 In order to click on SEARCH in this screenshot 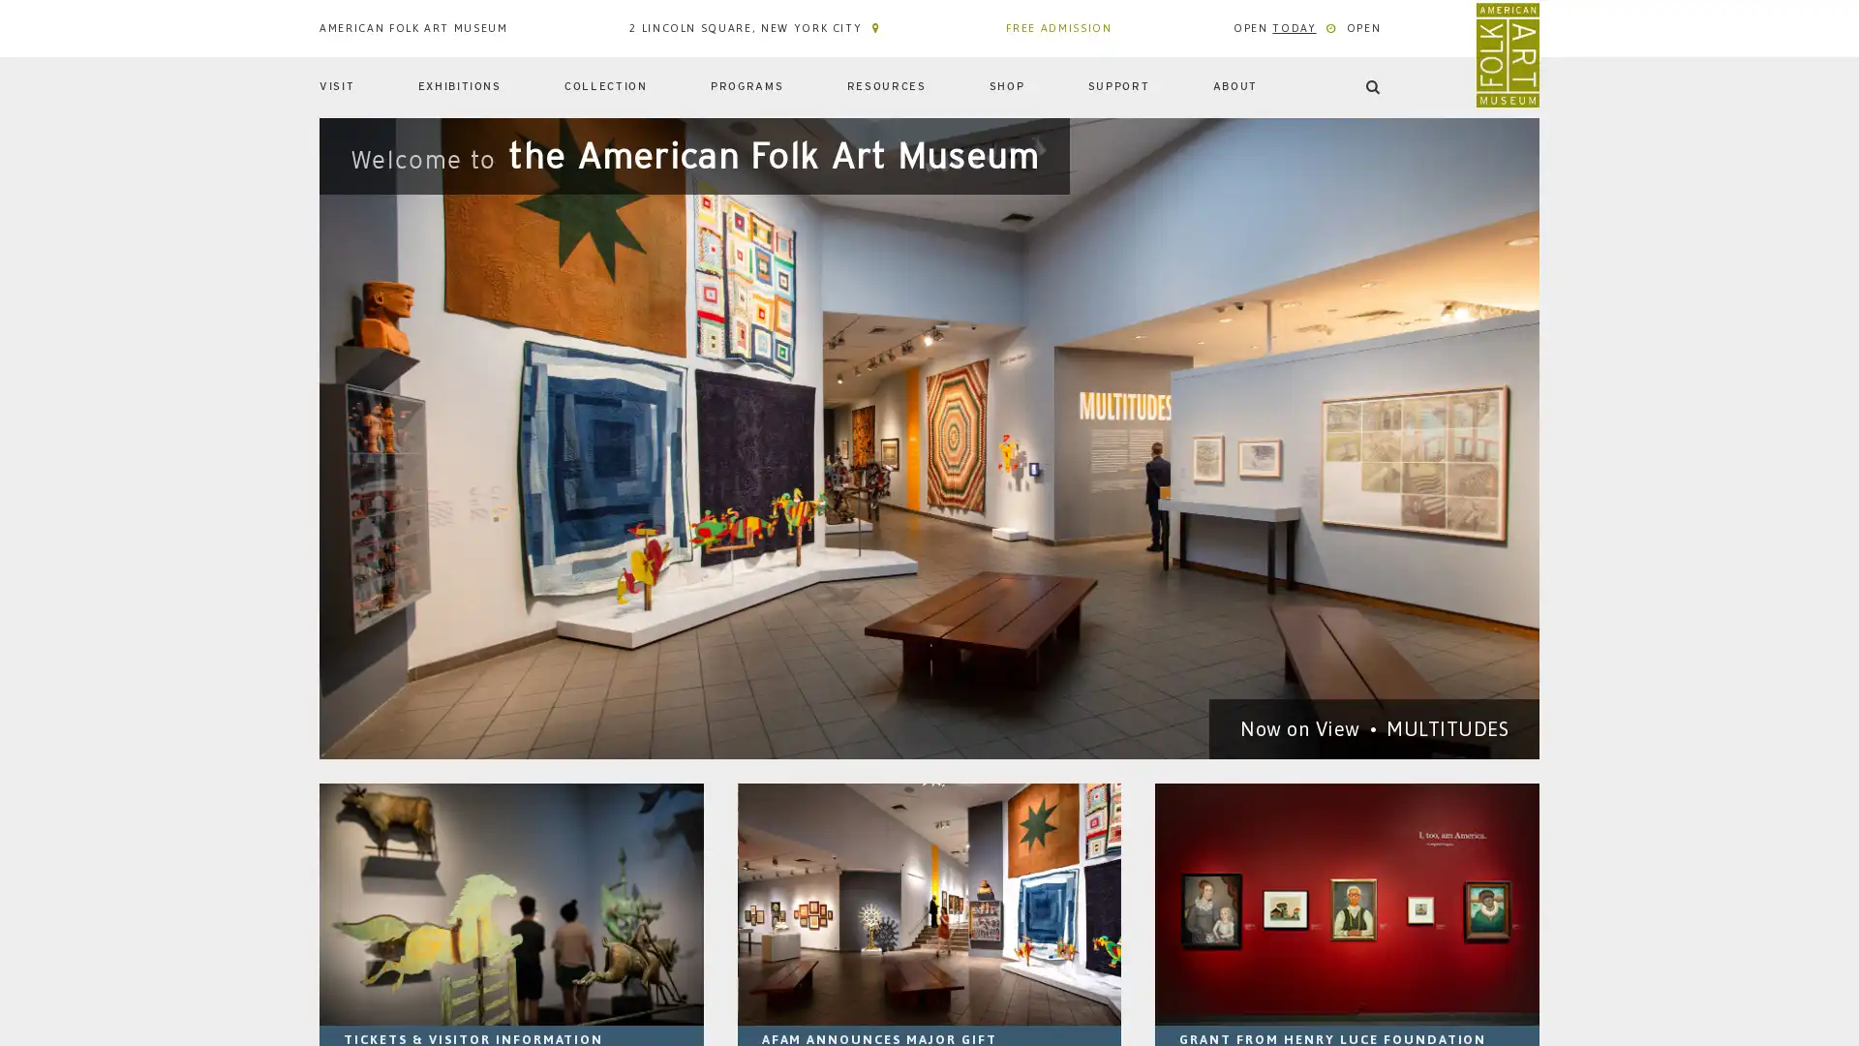, I will do `click(1489, 153)`.